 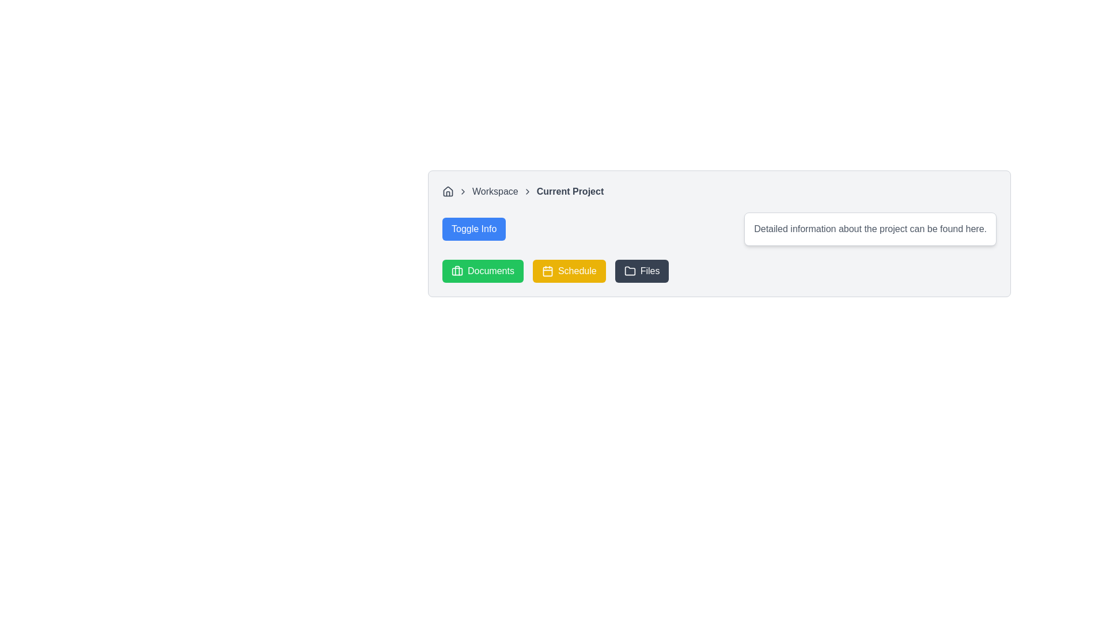 I want to click on the house icon button, so click(x=447, y=191).